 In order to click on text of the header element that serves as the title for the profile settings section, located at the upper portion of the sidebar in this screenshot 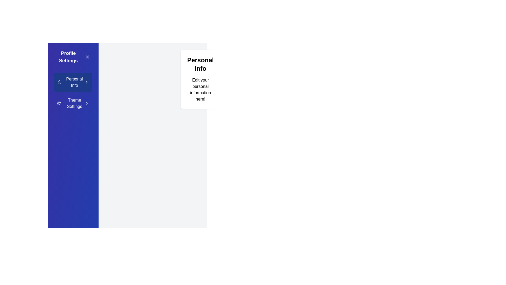, I will do `click(68, 57)`.